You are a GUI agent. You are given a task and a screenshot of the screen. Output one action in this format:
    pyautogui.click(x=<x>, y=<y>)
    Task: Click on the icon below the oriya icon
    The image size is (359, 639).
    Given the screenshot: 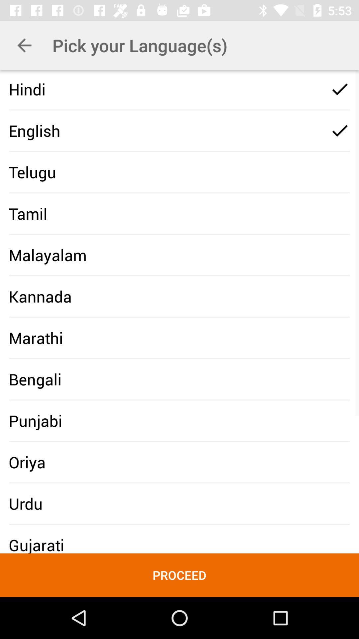 What is the action you would take?
    pyautogui.click(x=25, y=504)
    